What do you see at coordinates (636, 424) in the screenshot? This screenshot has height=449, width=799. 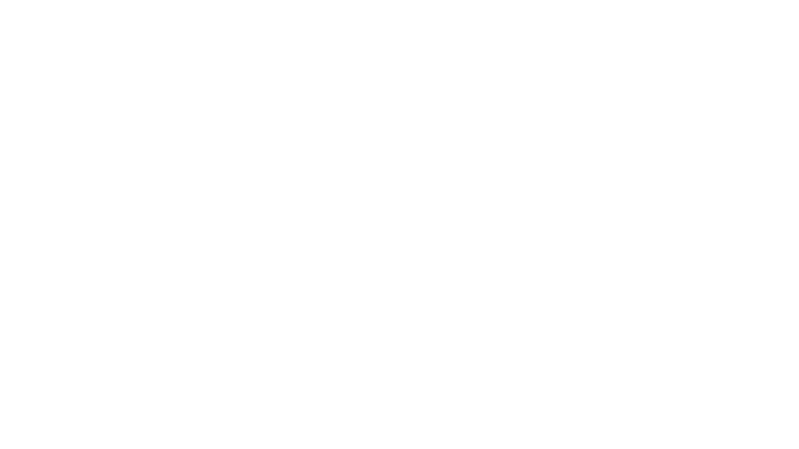 I see `Biodiversity` at bounding box center [636, 424].